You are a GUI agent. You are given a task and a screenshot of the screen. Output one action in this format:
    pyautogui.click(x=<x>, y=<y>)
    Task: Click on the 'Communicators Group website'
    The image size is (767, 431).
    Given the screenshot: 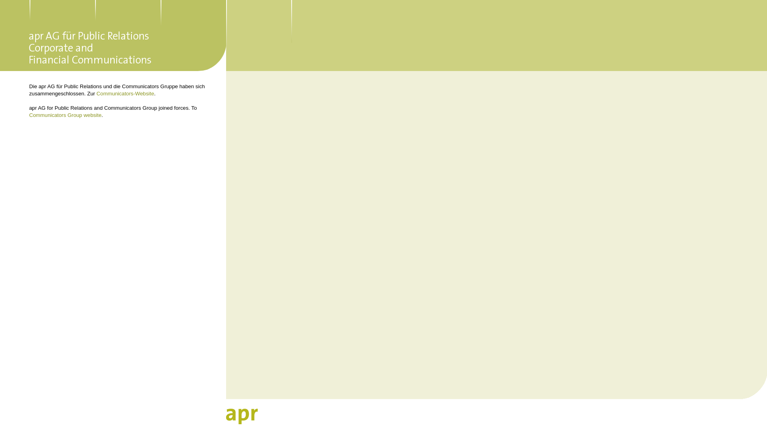 What is the action you would take?
    pyautogui.click(x=65, y=115)
    